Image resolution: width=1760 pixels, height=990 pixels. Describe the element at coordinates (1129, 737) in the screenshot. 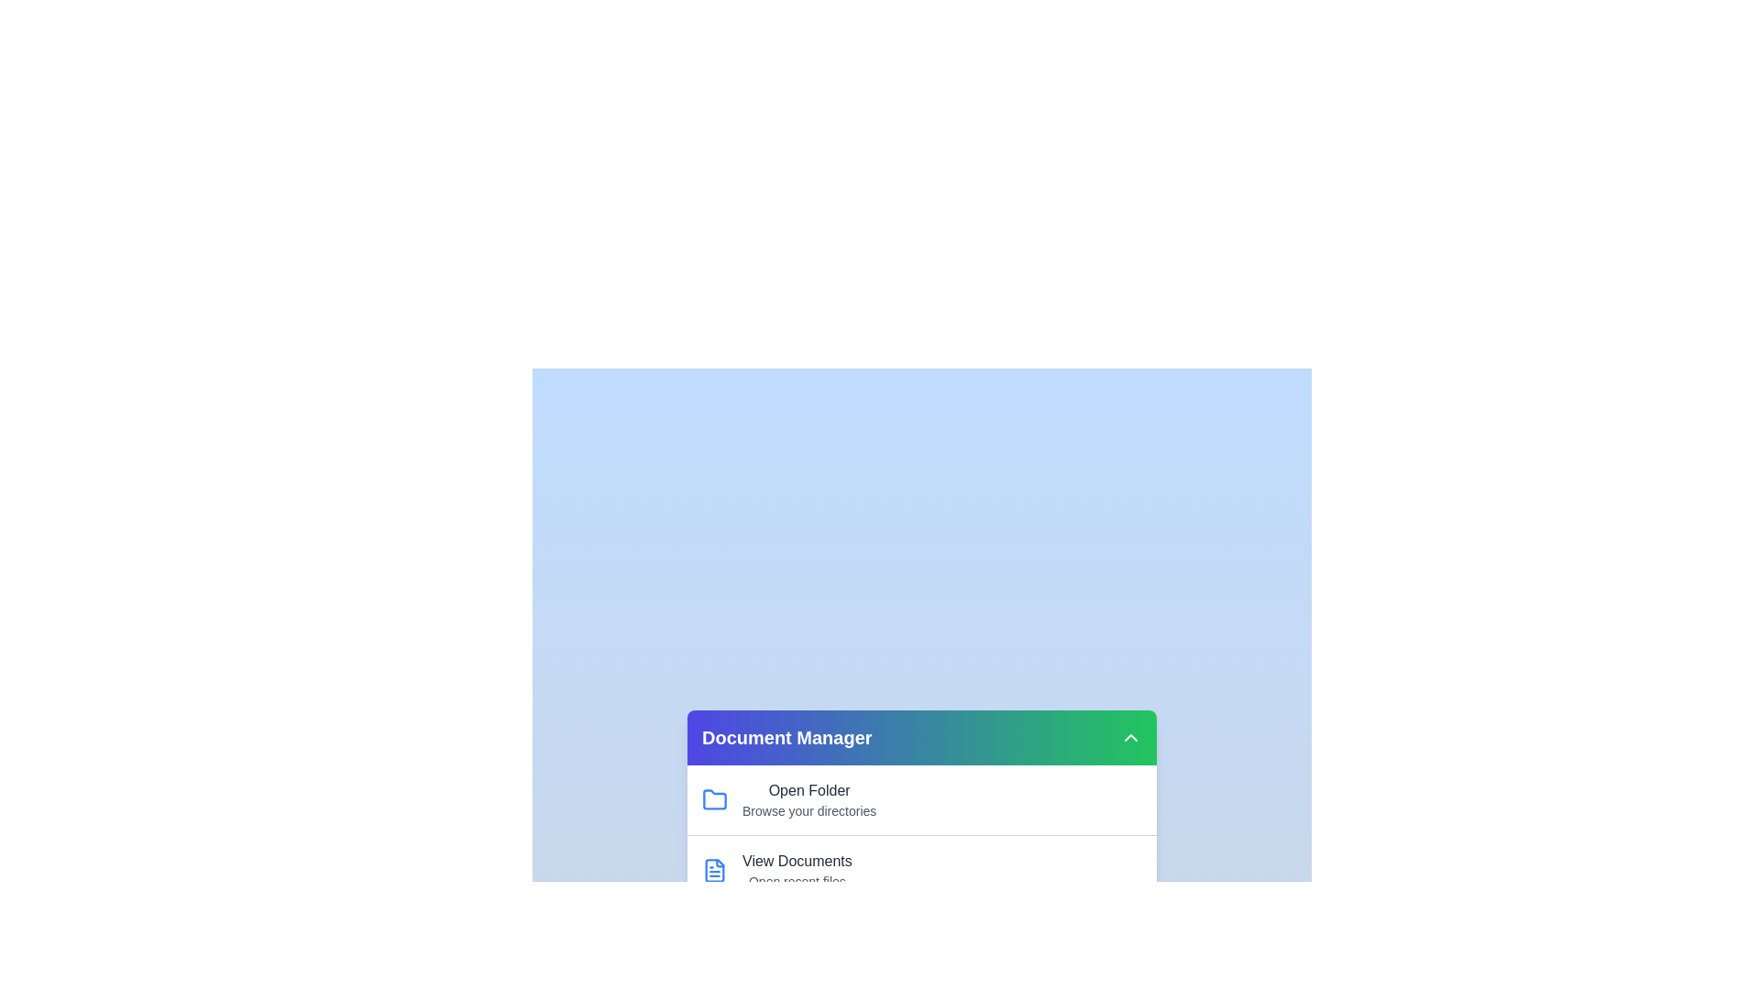

I see `the toggle button at the top-right corner of the menu header to toggle the menu visibility` at that location.